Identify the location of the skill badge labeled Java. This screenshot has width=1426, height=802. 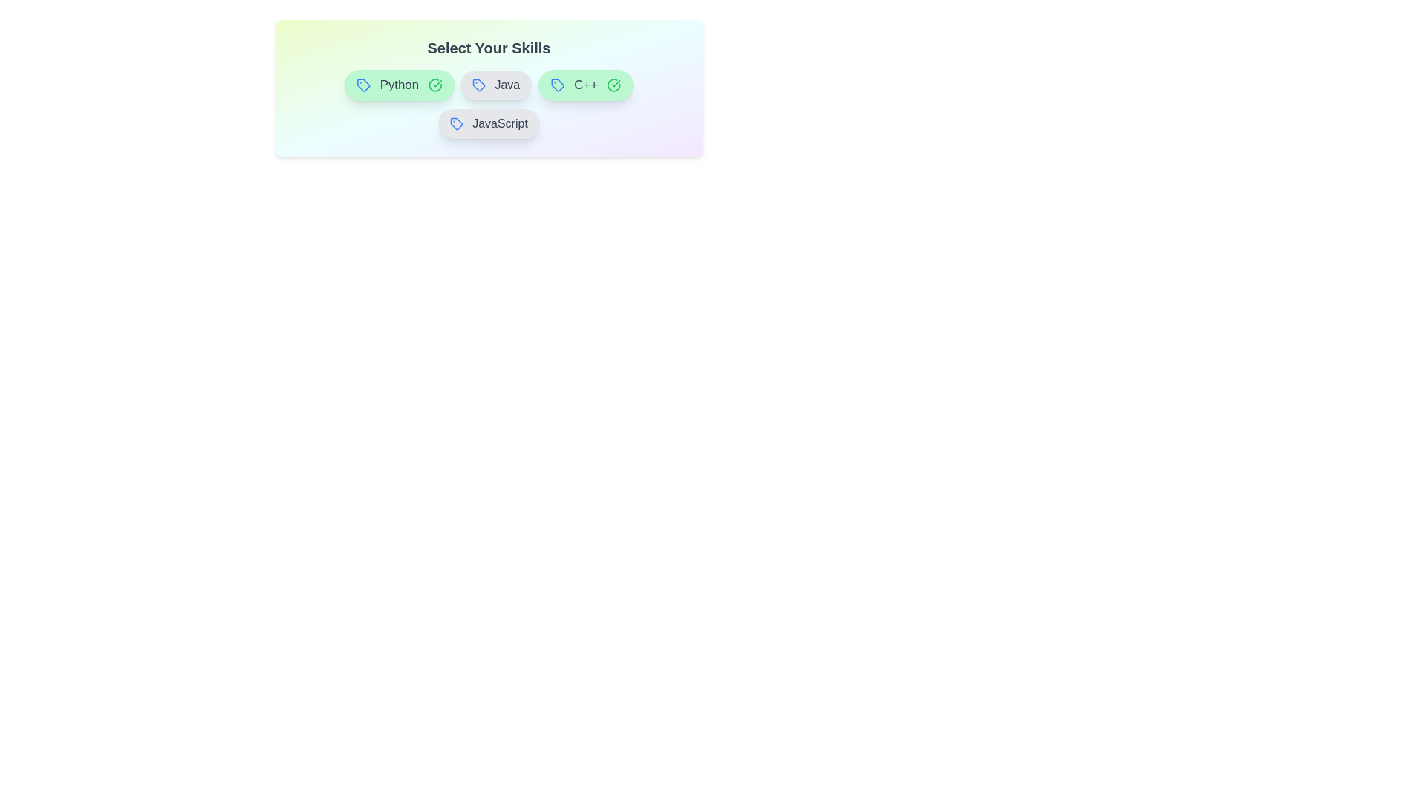
(495, 85).